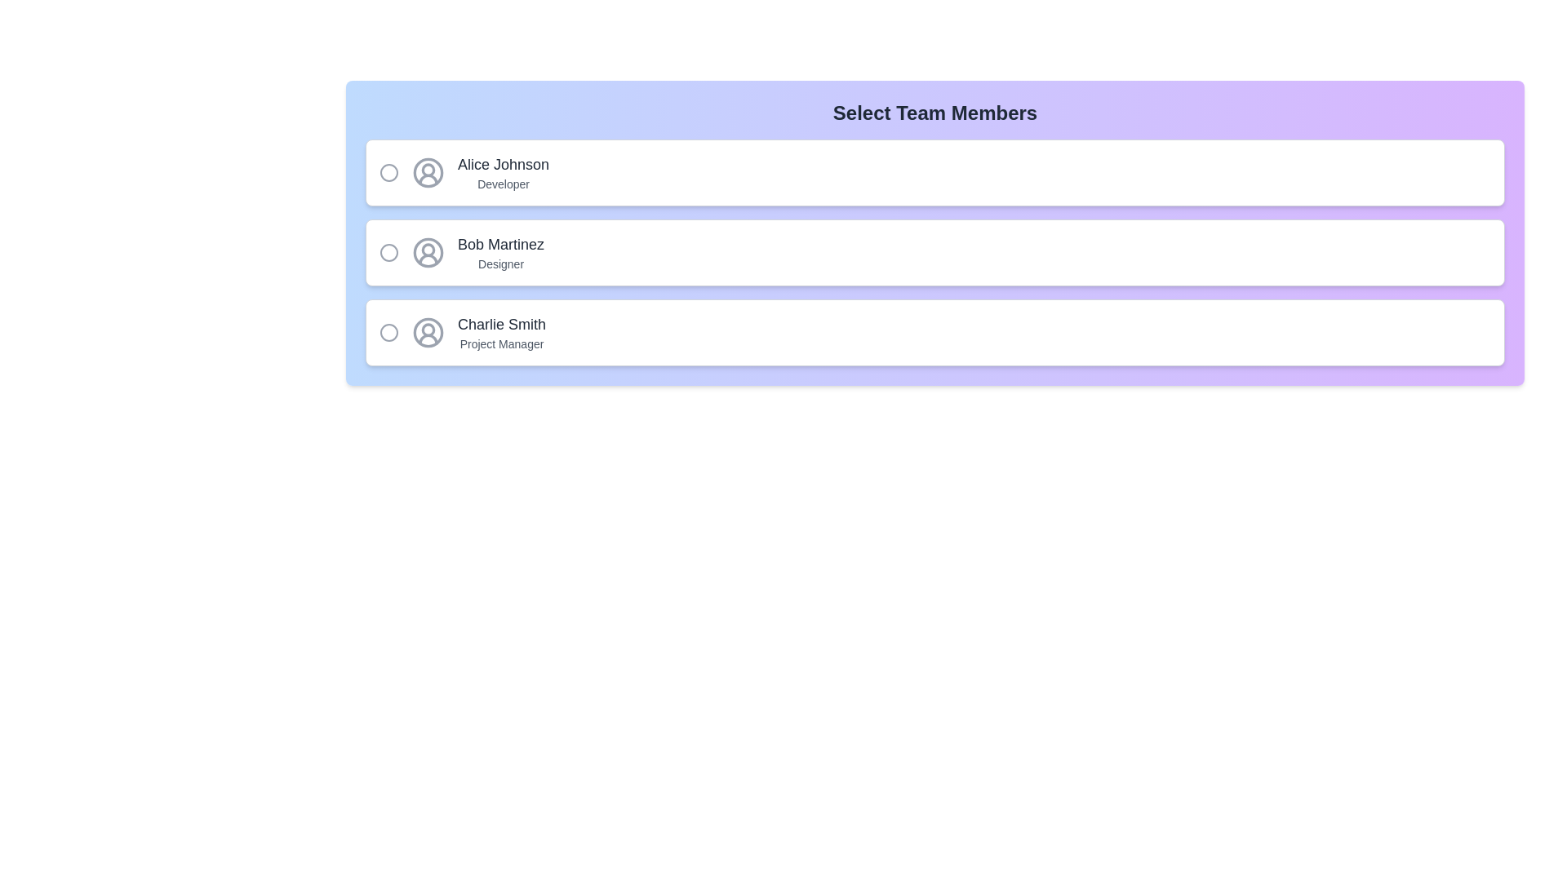 This screenshot has width=1567, height=881. I want to click on the header text reading 'Select Team Members', which is styled in bold and larger font at the top of a card-like layout with a gradient background, so click(935, 112).